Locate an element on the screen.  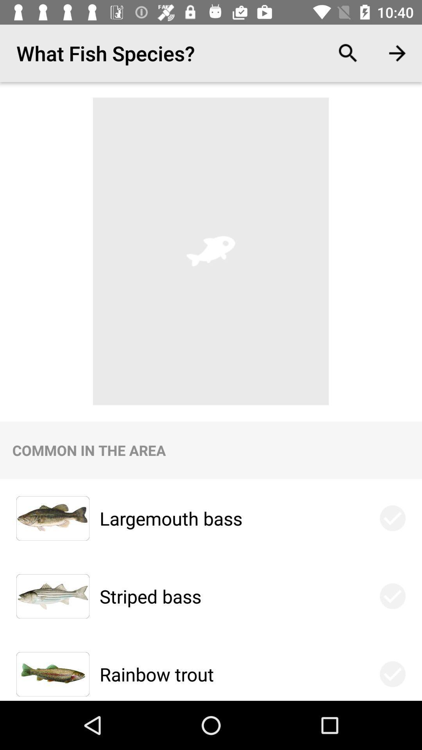
the item to the right of the what fish species? icon is located at coordinates (348, 53).